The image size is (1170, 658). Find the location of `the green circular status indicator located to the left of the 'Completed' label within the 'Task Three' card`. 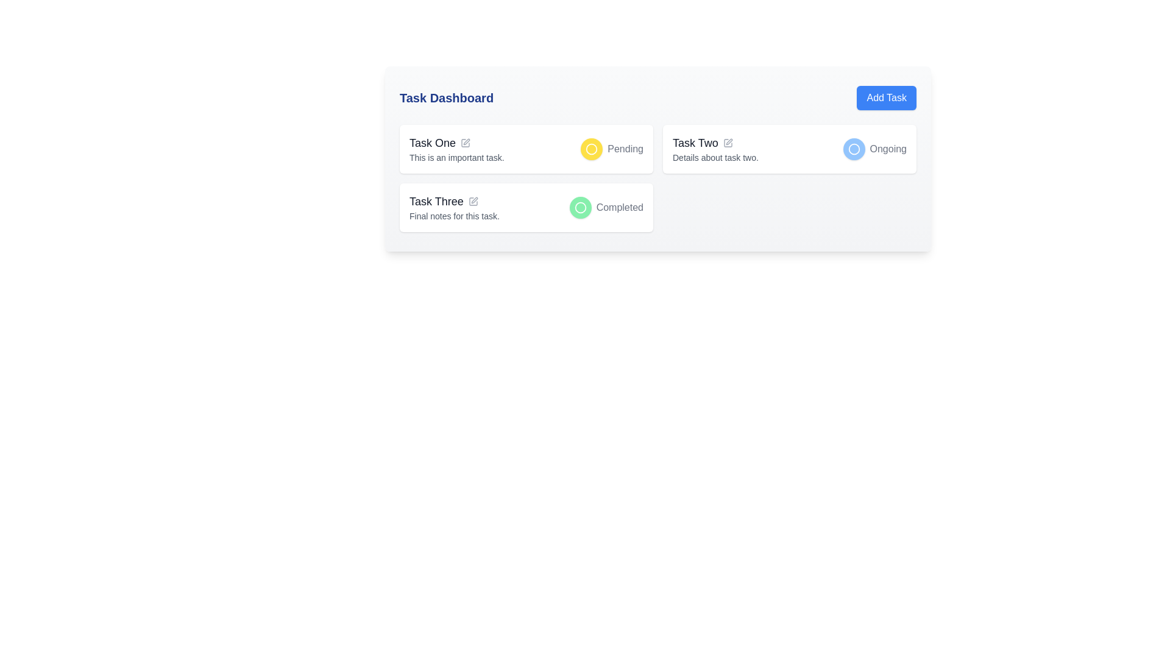

the green circular status indicator located to the left of the 'Completed' label within the 'Task Three' card is located at coordinates (580, 207).